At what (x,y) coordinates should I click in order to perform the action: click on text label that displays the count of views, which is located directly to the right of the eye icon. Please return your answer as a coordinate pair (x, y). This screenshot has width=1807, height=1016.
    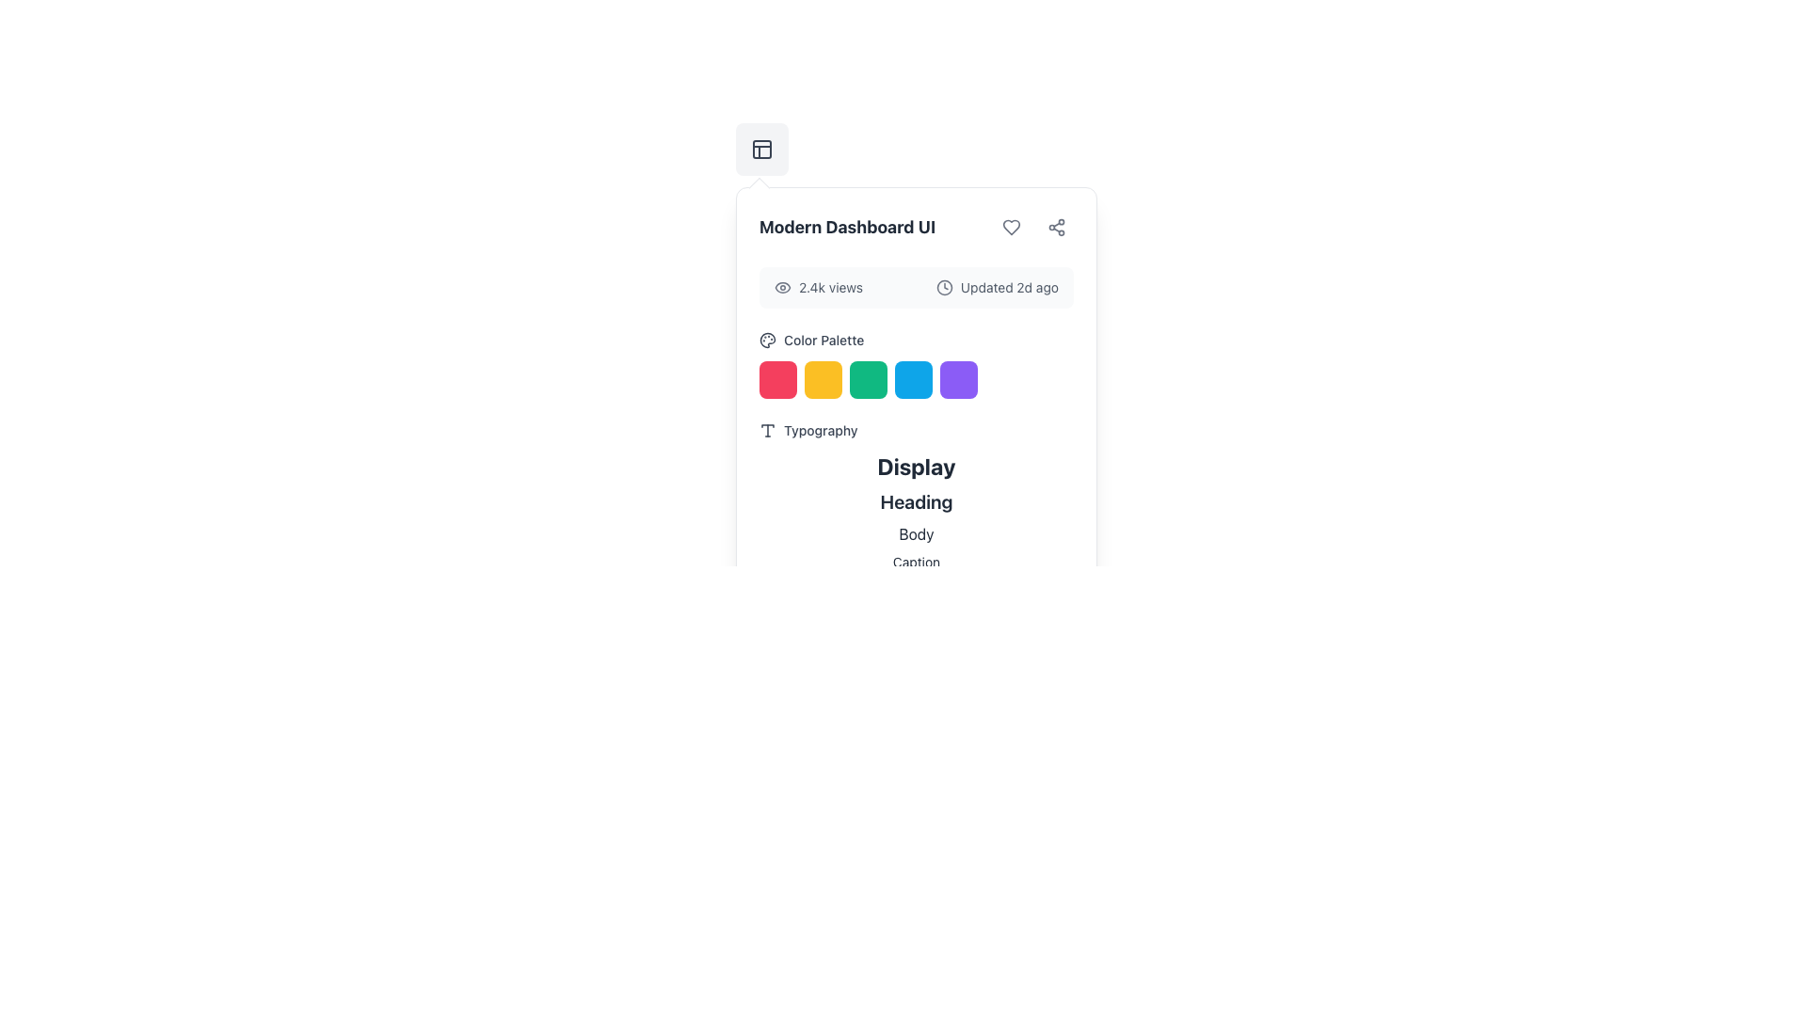
    Looking at the image, I should click on (830, 287).